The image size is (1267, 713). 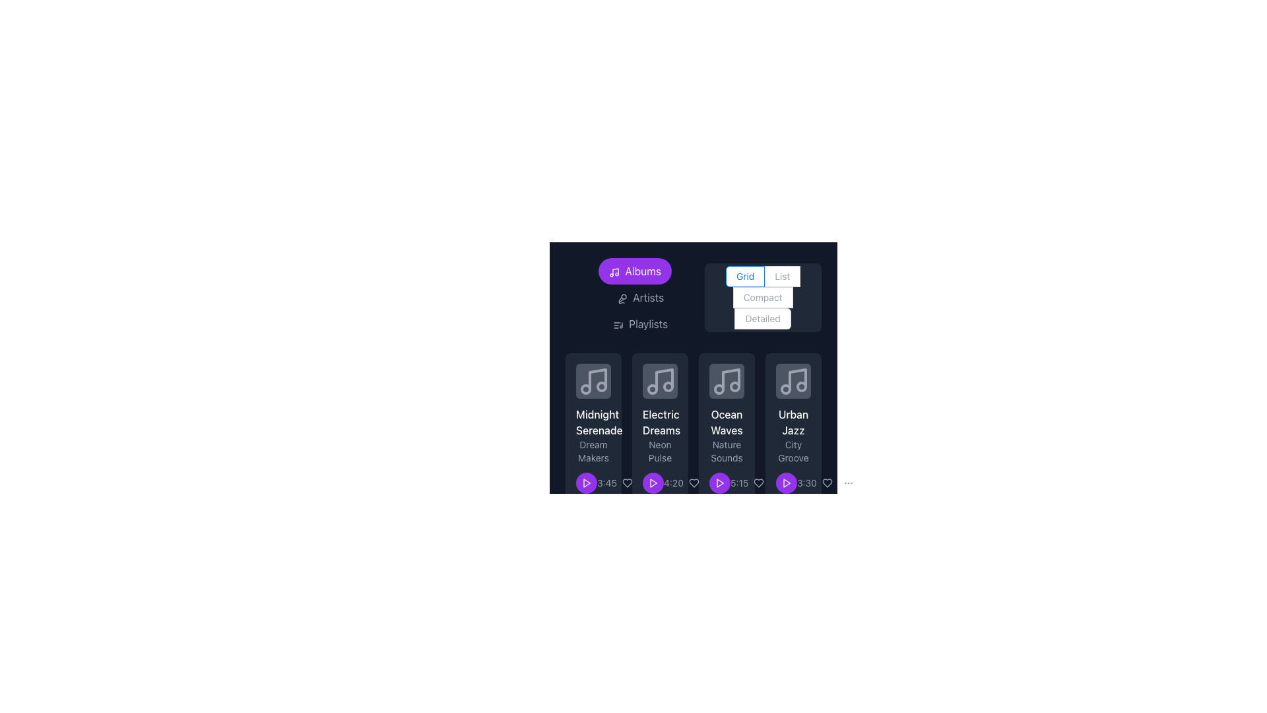 I want to click on the heart-shaped icon located at the bottom section of the rightmost card, right of the purple play button and time display, so click(x=693, y=483).